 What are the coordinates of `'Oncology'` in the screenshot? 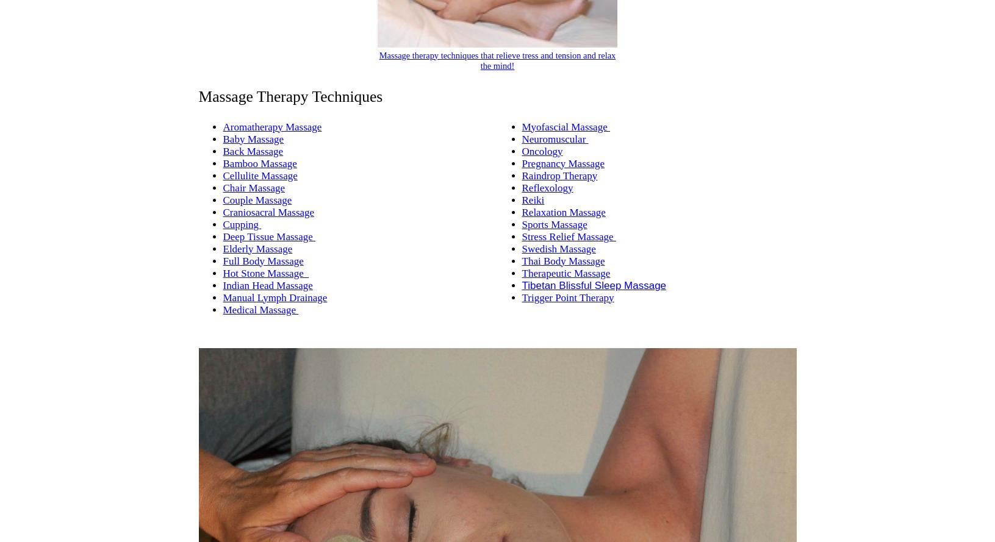 It's located at (542, 150).